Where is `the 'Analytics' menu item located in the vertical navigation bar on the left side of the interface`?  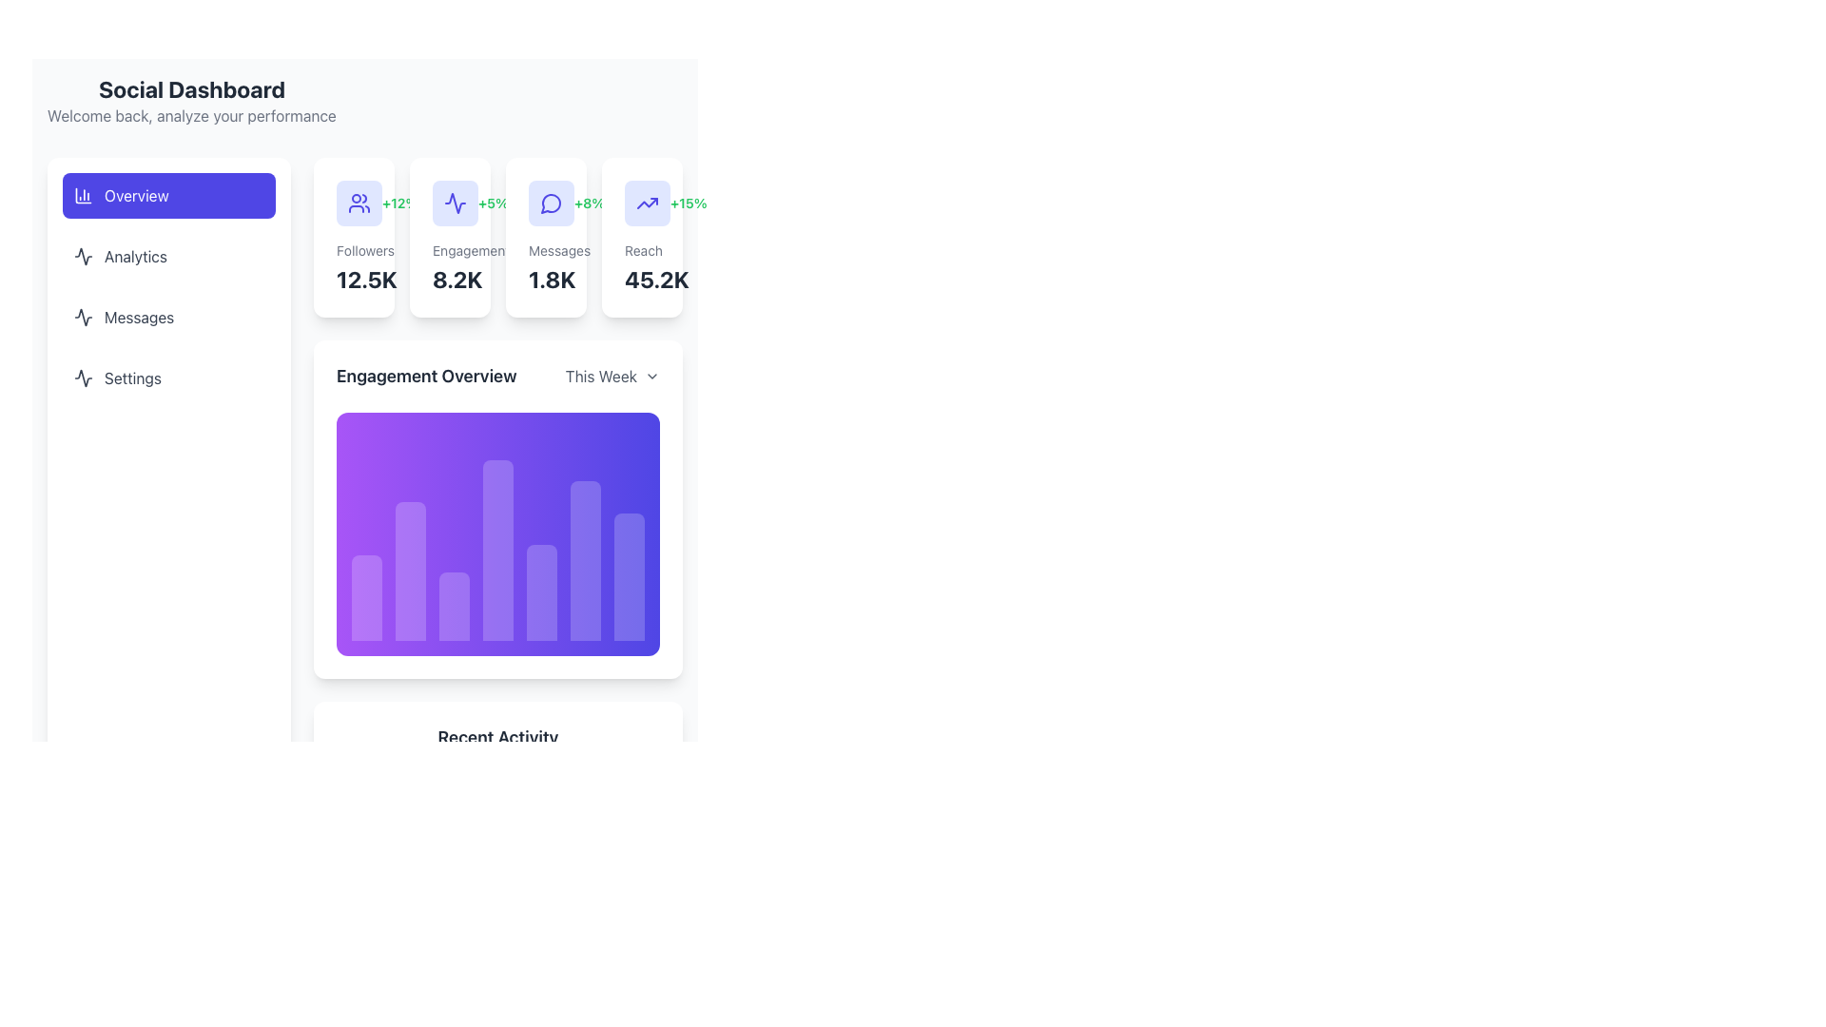 the 'Analytics' menu item located in the vertical navigation bar on the left side of the interface is located at coordinates (168, 286).